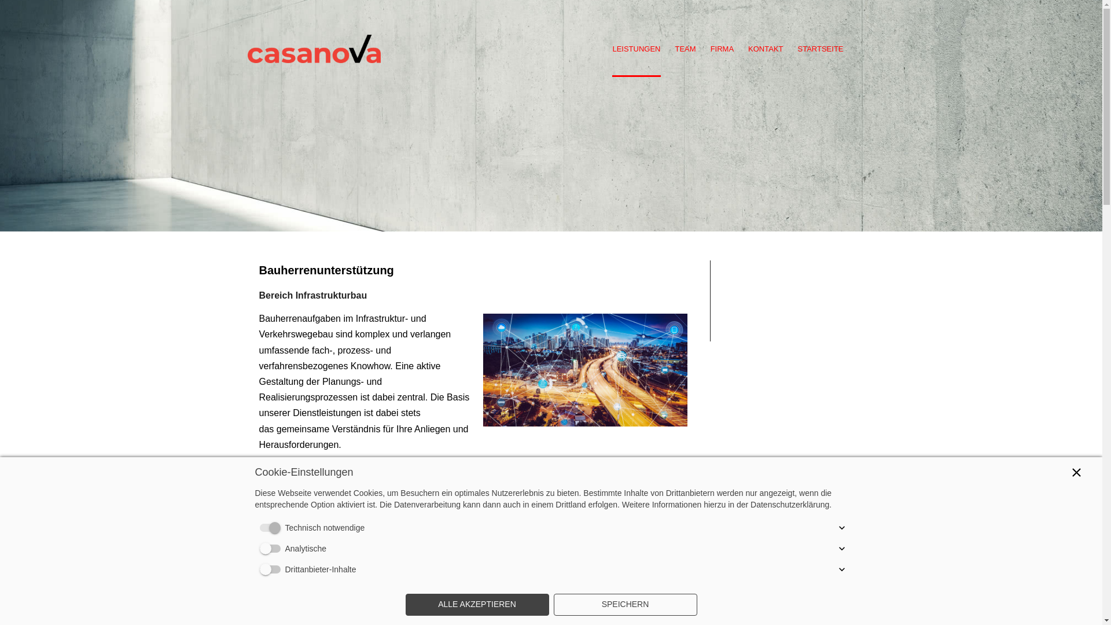  Describe the element at coordinates (685, 49) in the screenshot. I see `'TEAM'` at that location.